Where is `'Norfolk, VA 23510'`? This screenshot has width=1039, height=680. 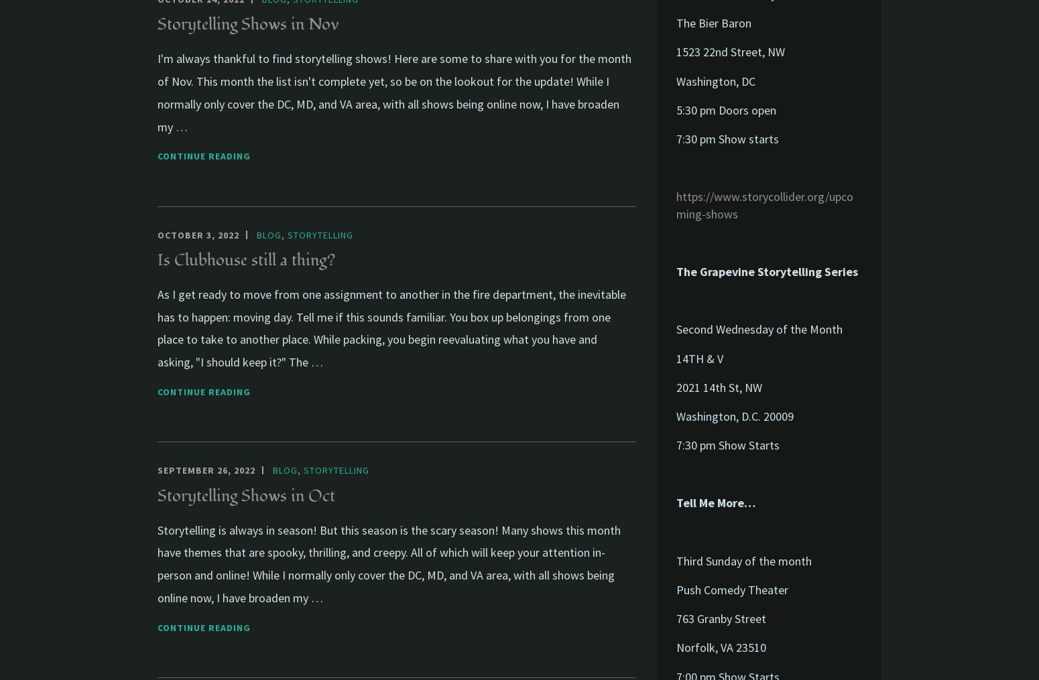 'Norfolk, VA 23510' is located at coordinates (721, 647).